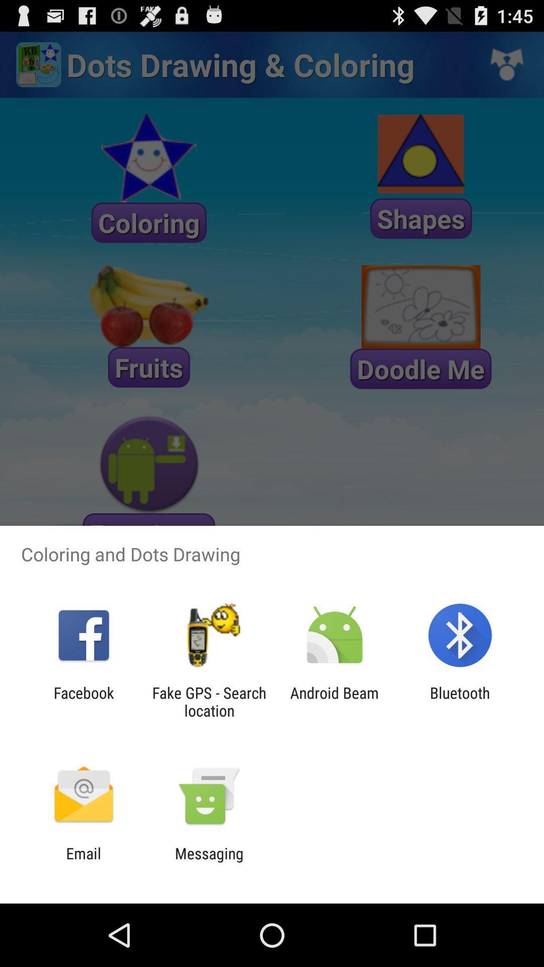 The height and width of the screenshot is (967, 544). I want to click on bluetooth item, so click(460, 701).